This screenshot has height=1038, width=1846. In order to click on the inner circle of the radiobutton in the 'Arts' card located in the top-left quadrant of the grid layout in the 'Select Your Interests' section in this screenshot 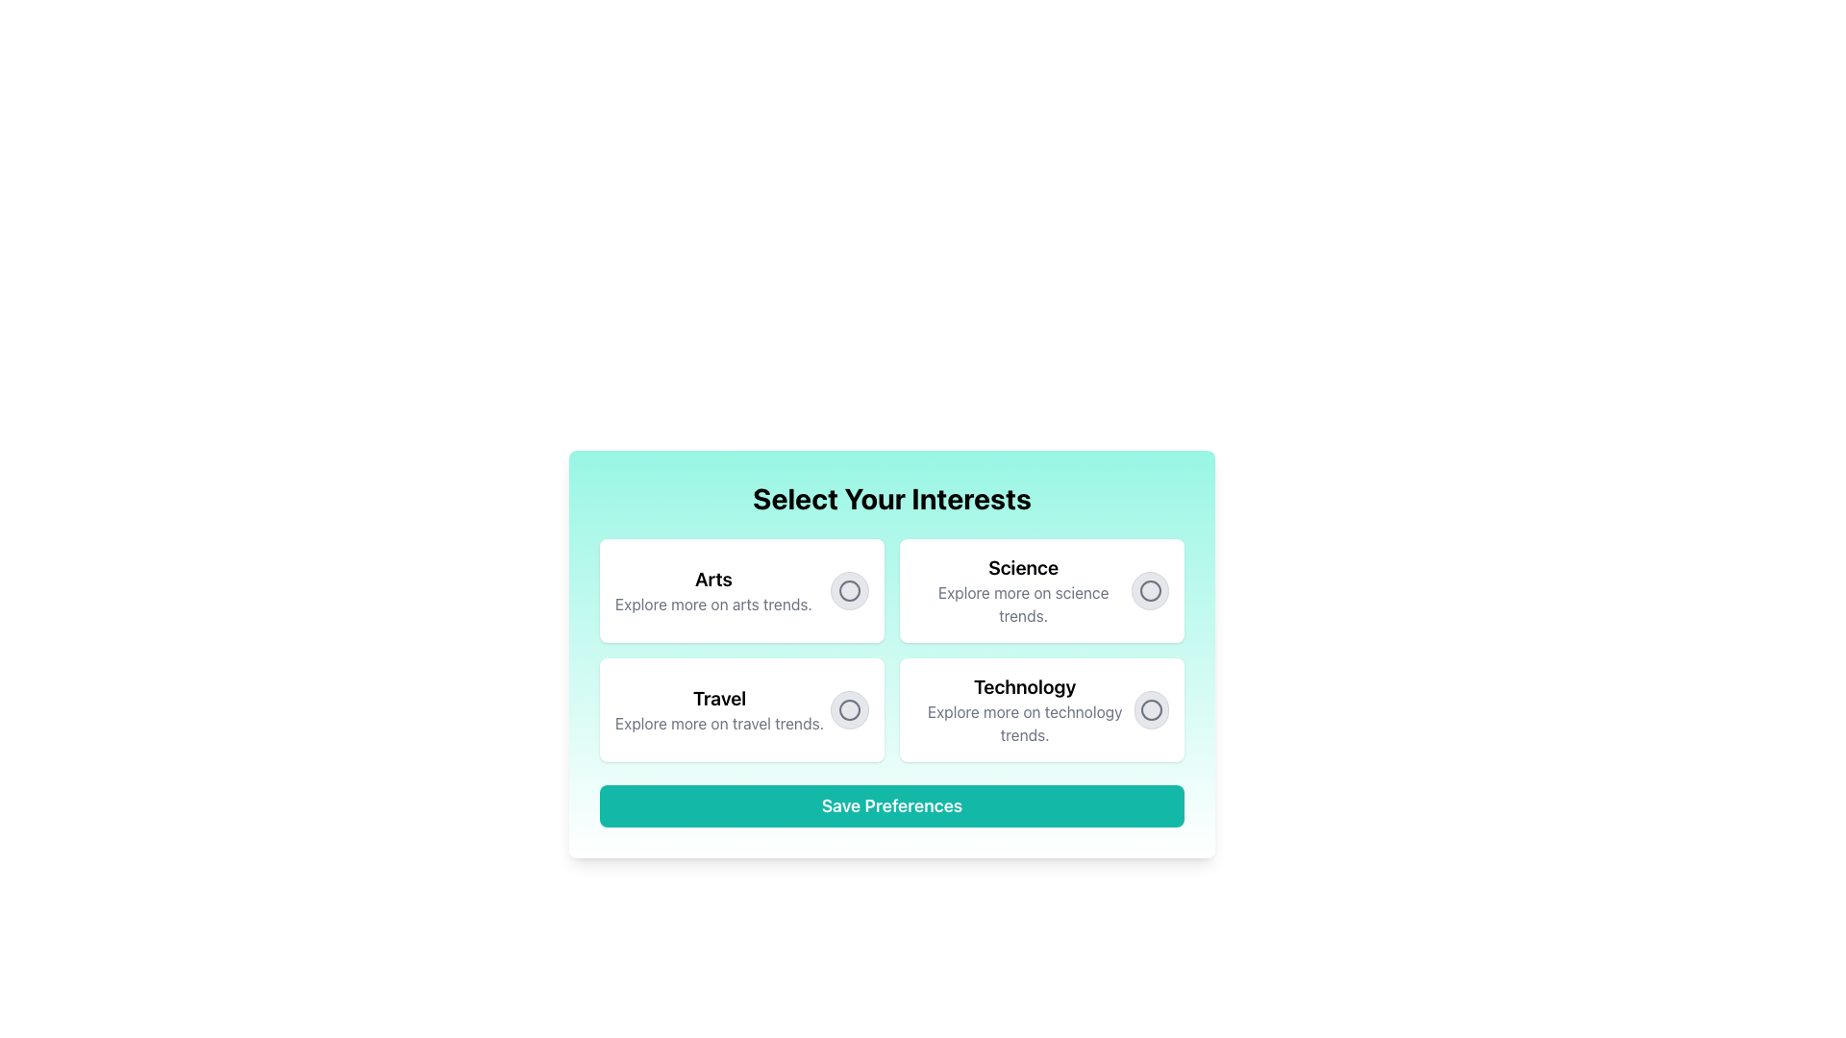, I will do `click(848, 589)`.